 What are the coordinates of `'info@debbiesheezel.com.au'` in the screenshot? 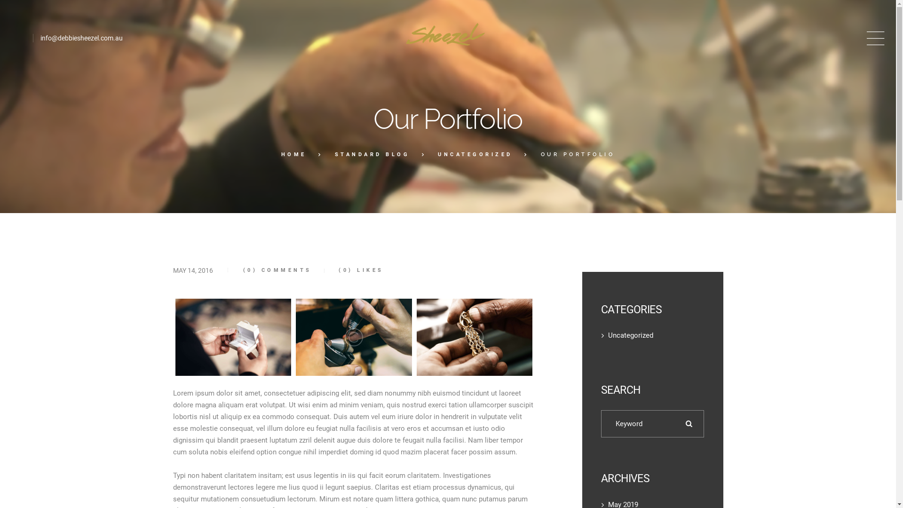 It's located at (81, 38).